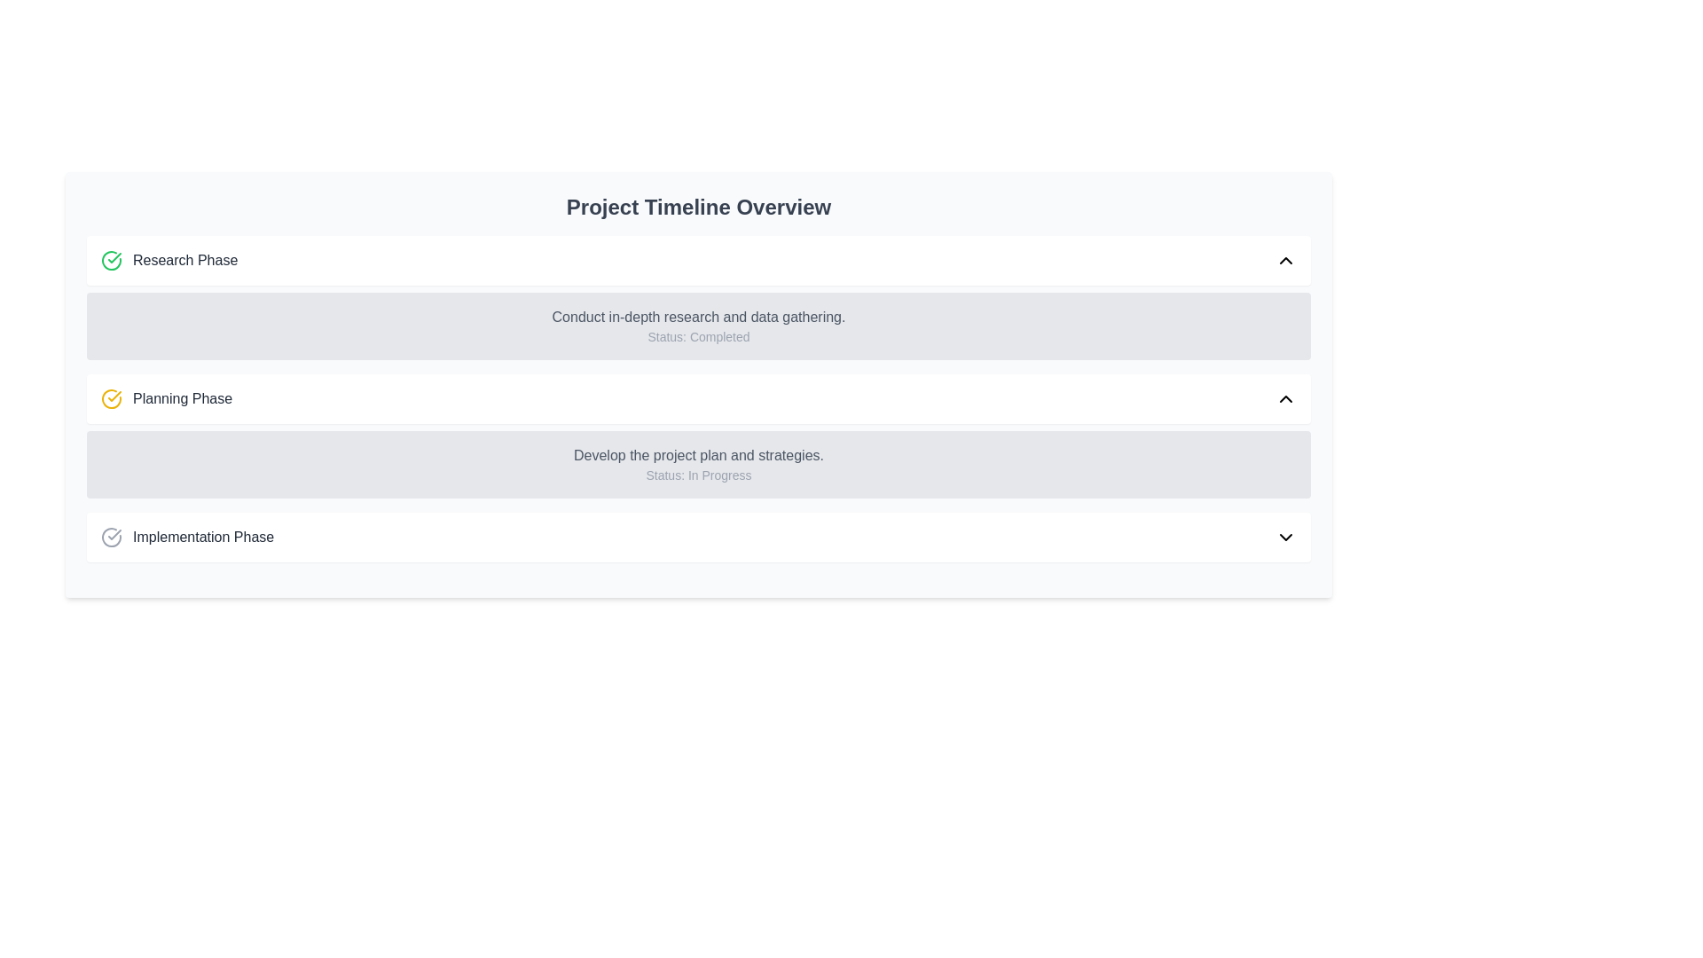  What do you see at coordinates (203, 536) in the screenshot?
I see `the static text label displaying 'Implementation Phase', located on the third line of the project timeline overview` at bounding box center [203, 536].